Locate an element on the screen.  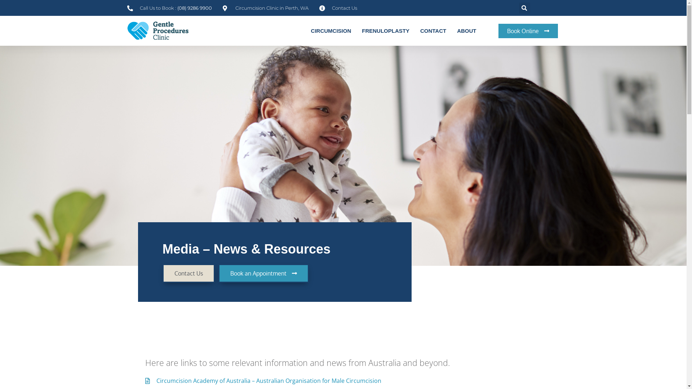
'FRENULOPLASTY' is located at coordinates (385, 30).